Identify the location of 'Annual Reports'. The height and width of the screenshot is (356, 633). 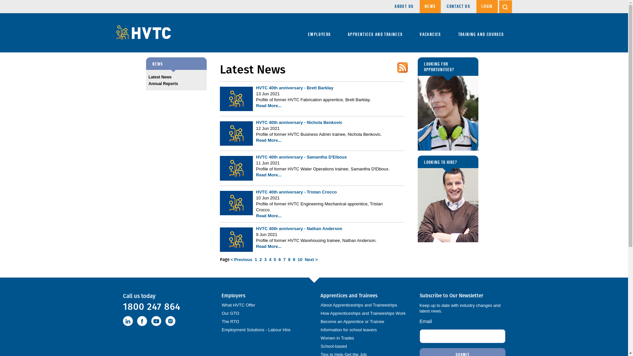
(176, 83).